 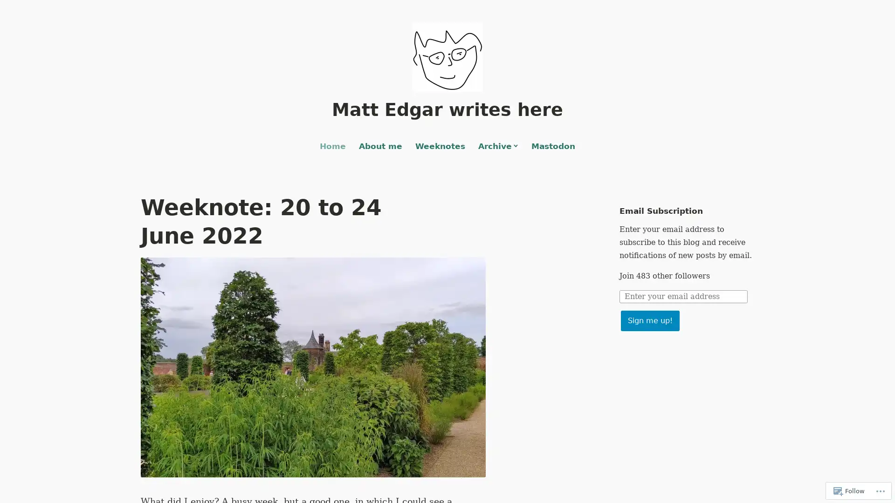 What do you see at coordinates (650, 320) in the screenshot?
I see `Sign me up!` at bounding box center [650, 320].